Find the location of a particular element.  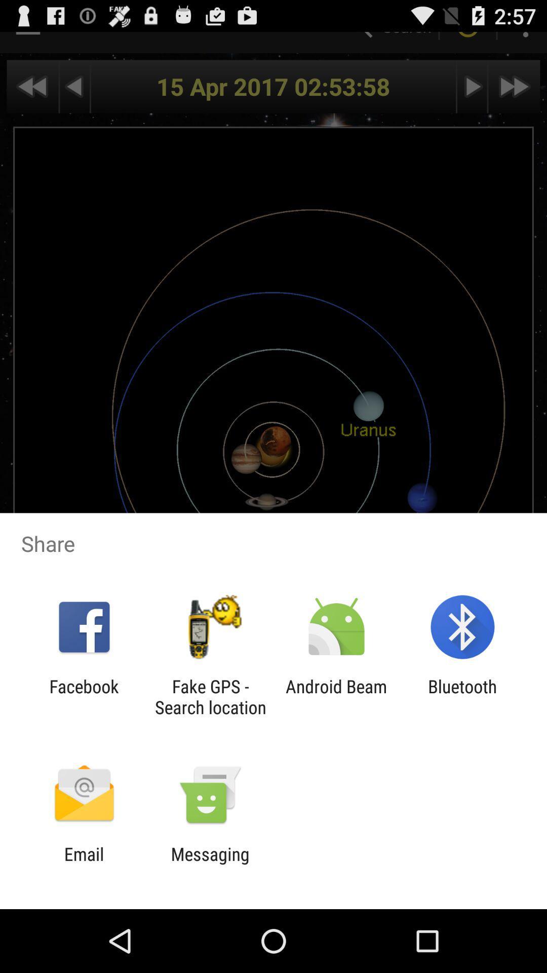

email icon is located at coordinates (84, 864).